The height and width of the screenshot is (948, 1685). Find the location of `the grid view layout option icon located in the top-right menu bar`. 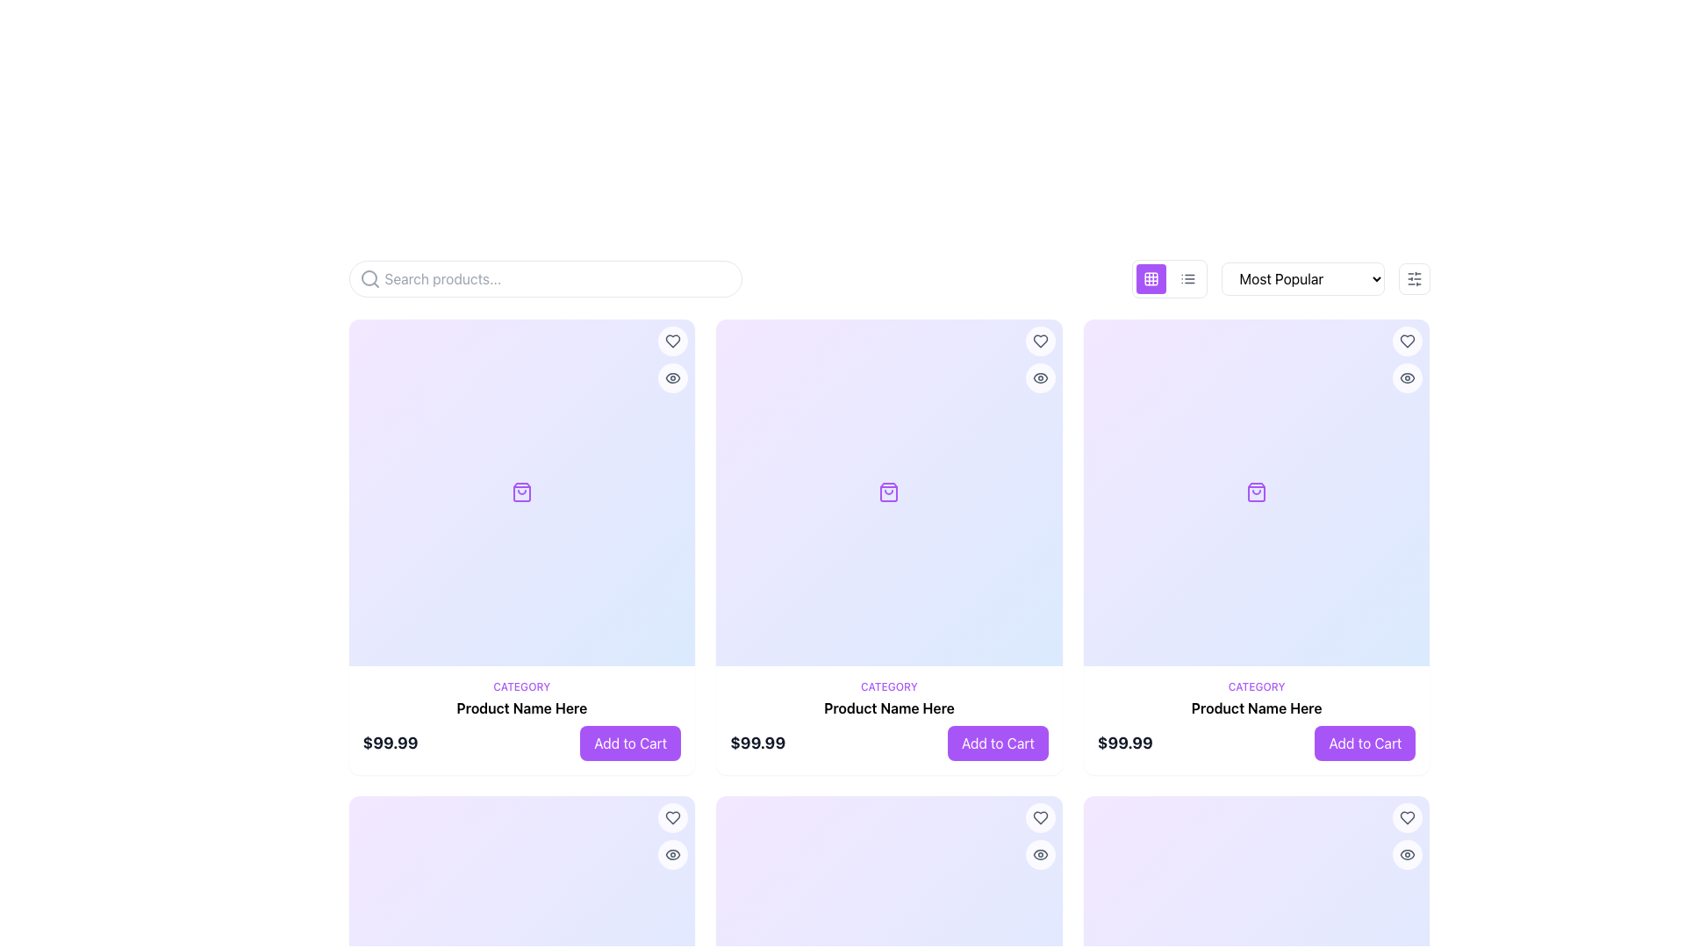

the grid view layout option icon located in the top-right menu bar is located at coordinates (1151, 277).